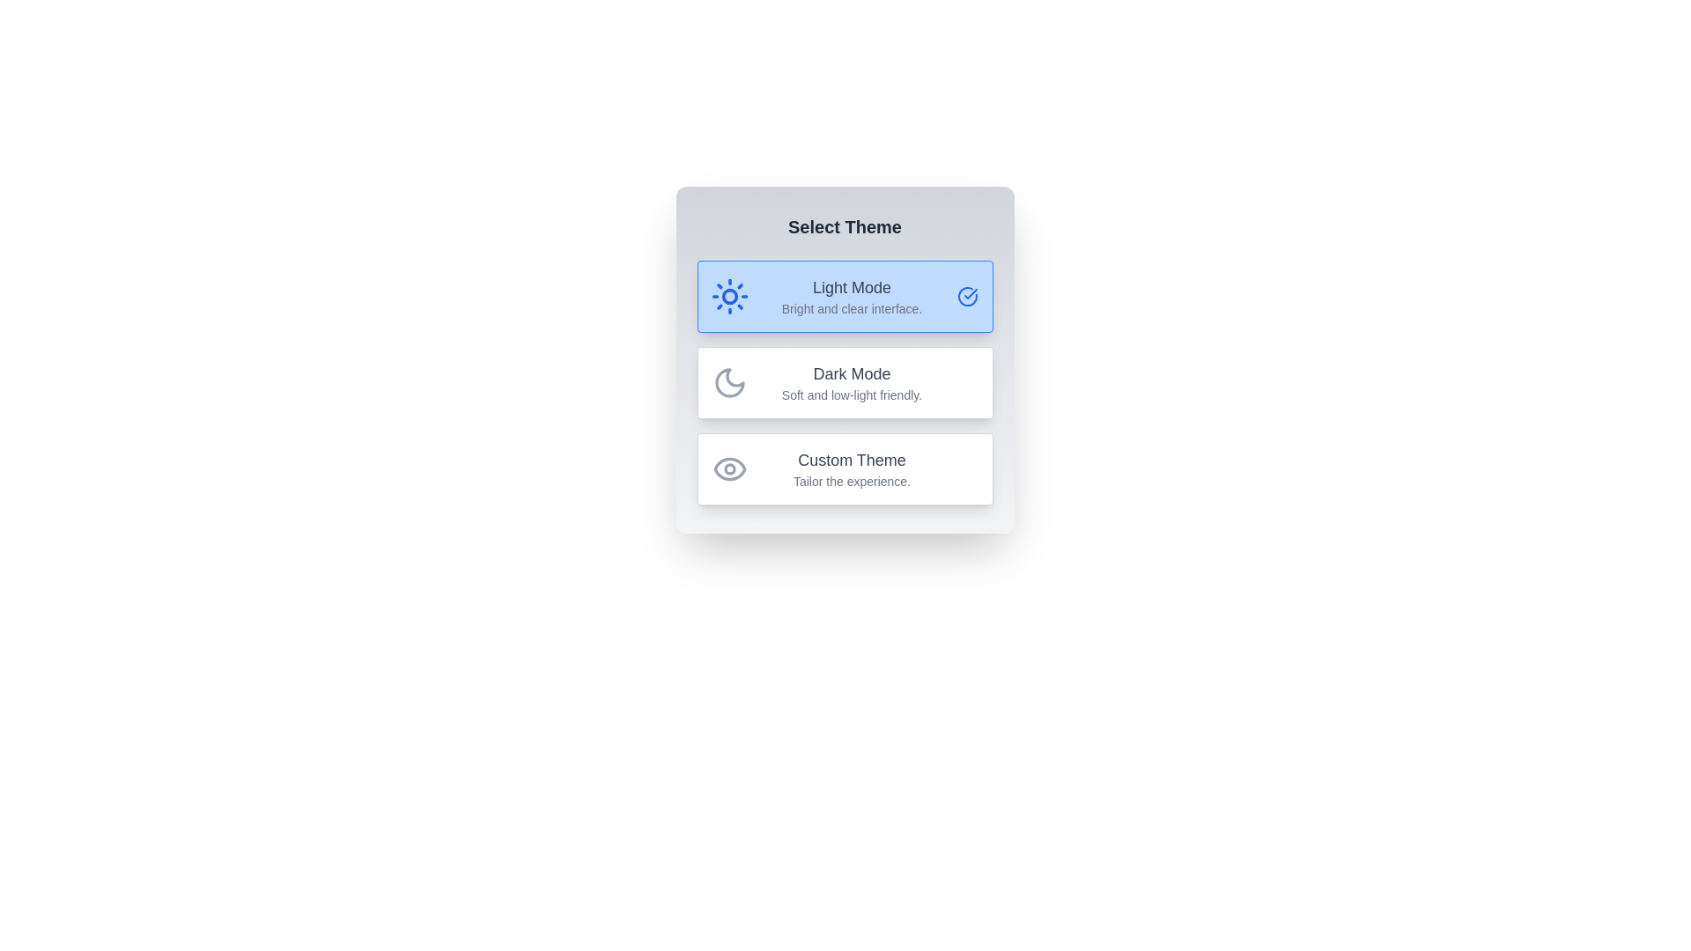 The width and height of the screenshot is (1691, 951). Describe the element at coordinates (970, 293) in the screenshot. I see `the checkmark SVG icon that indicates the selected status of the 'Light Mode' option, located at the bottom-right within a circular marker` at that location.